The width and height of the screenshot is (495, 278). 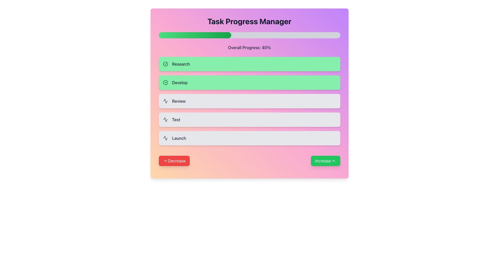 I want to click on the 'Test' icon located in the fourth row of the task list interface, which visually represents the test step, so click(x=165, y=120).